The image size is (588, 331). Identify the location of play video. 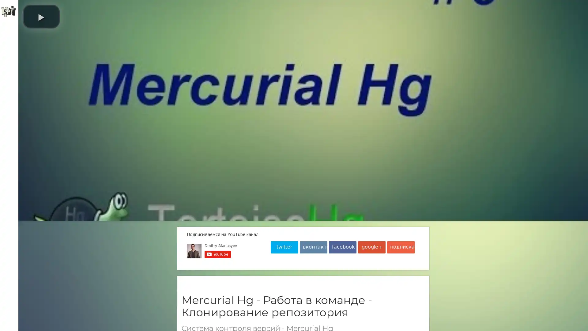
(41, 16).